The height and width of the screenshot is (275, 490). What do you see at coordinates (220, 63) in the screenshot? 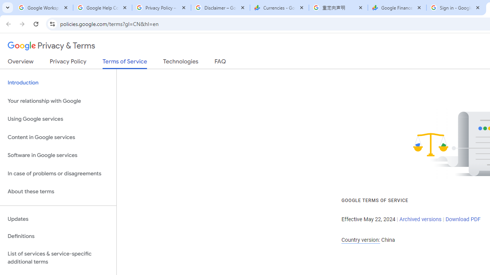
I see `'FAQ'` at bounding box center [220, 63].